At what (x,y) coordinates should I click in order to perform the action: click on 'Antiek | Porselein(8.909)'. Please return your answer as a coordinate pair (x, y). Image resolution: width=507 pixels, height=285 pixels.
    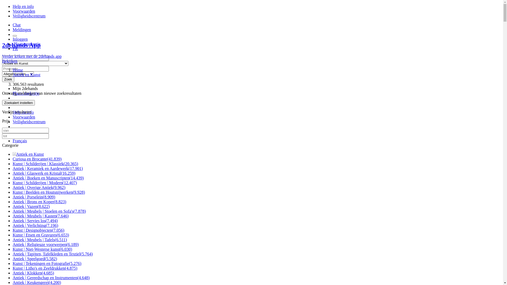
    Looking at the image, I should click on (34, 197).